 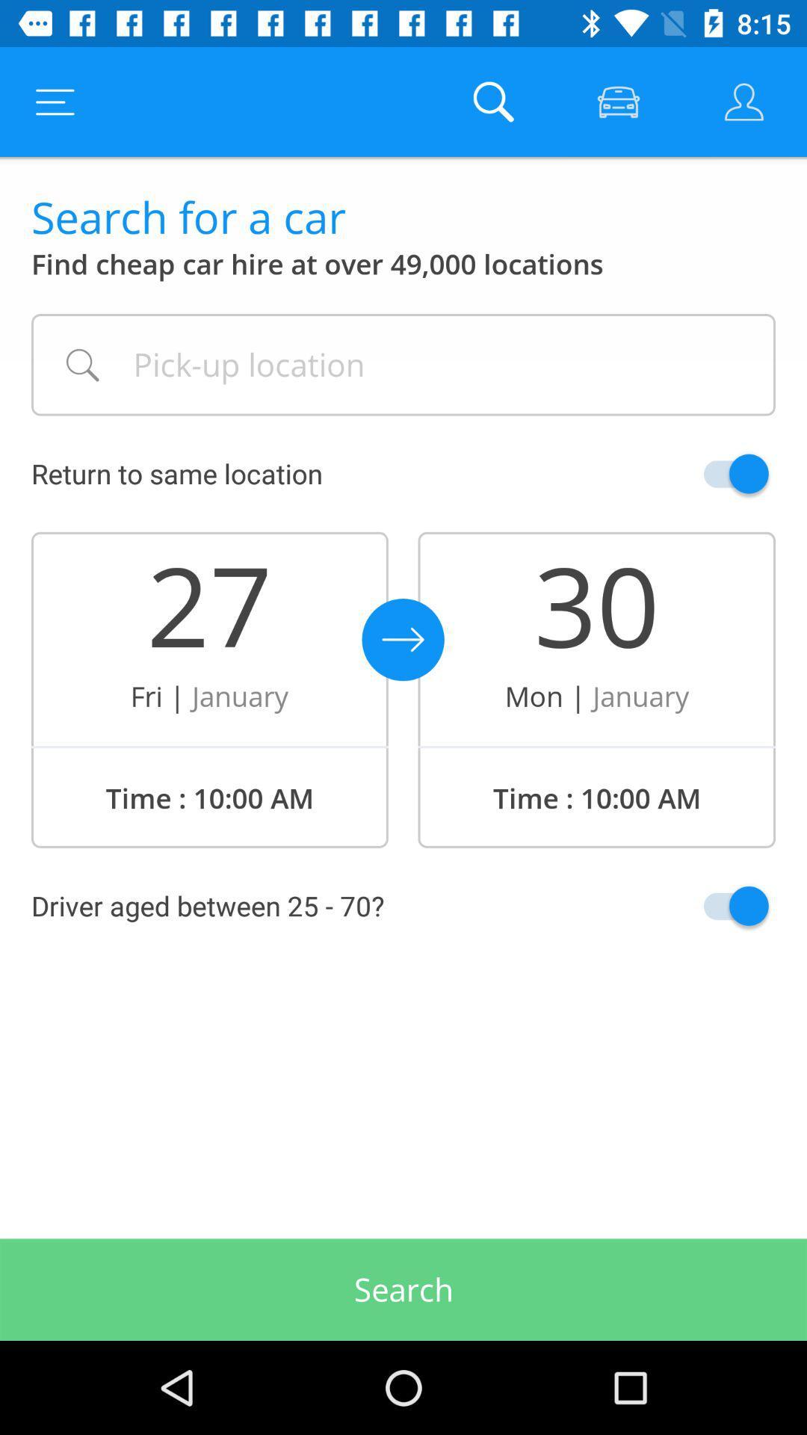 I want to click on return location selection, so click(x=701, y=473).